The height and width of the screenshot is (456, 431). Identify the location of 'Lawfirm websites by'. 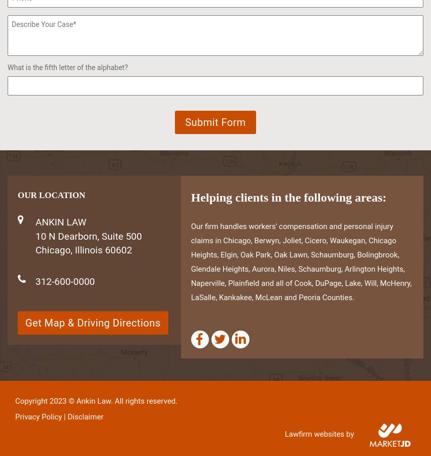
(319, 434).